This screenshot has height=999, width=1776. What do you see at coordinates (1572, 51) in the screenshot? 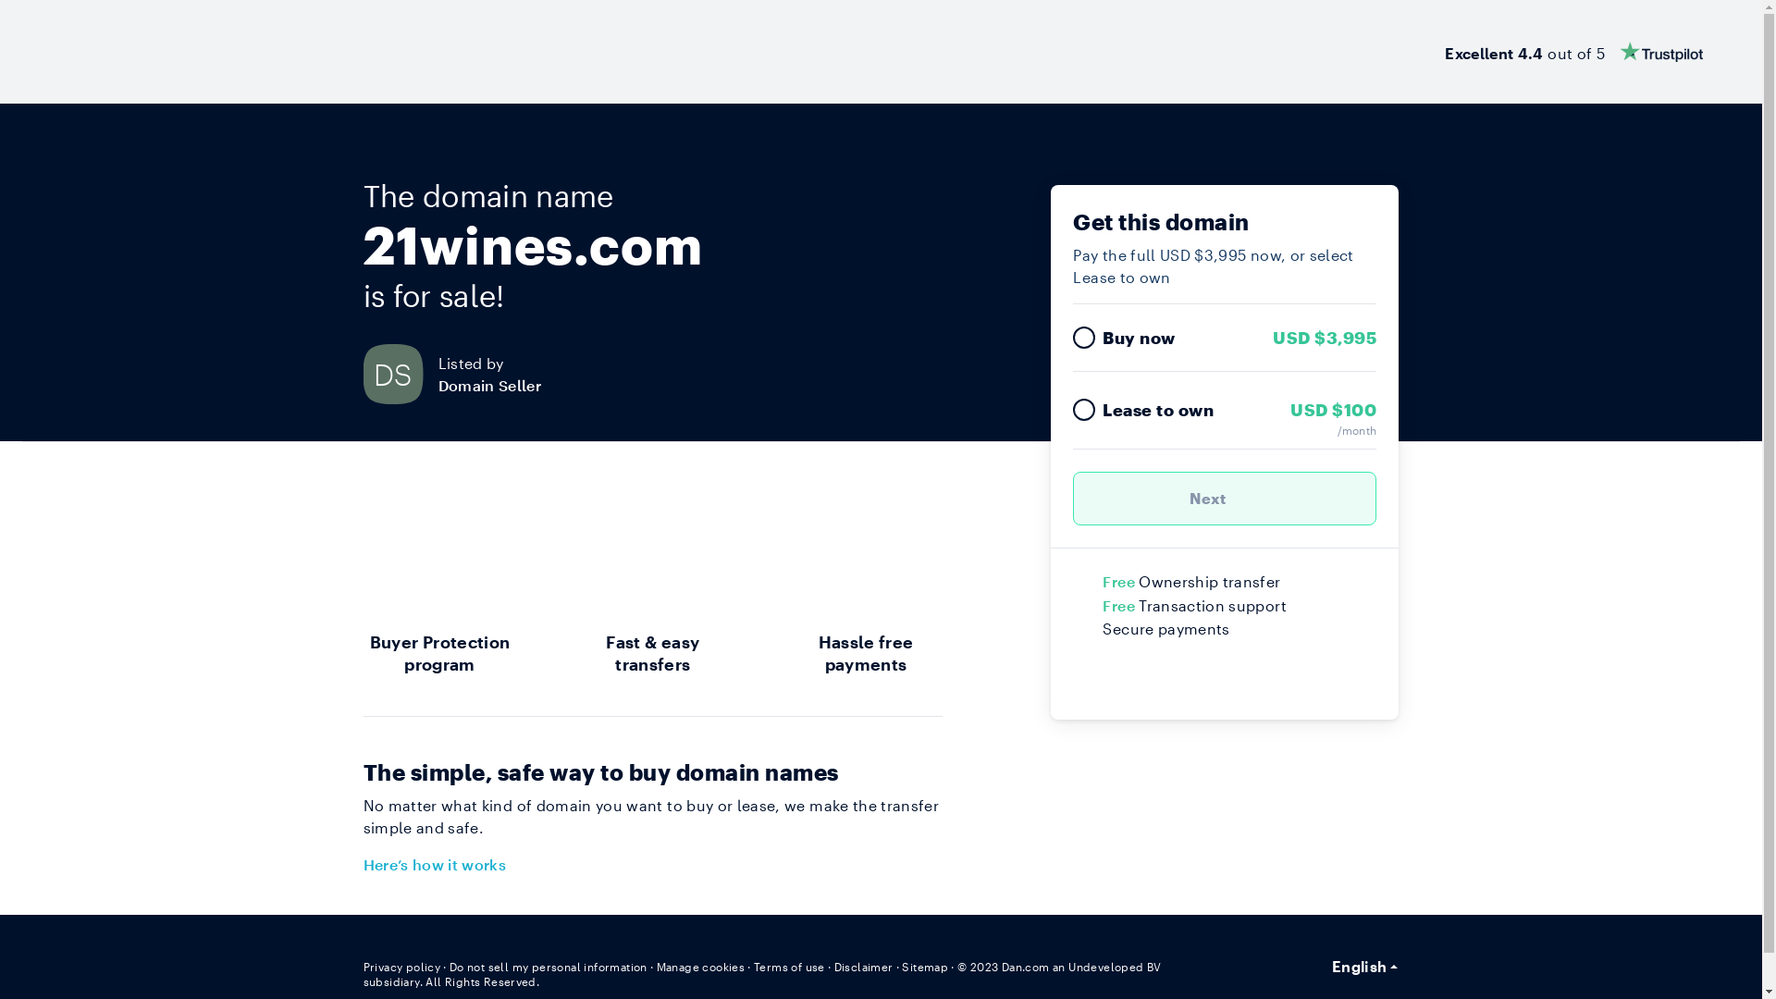
I see `'Excellent 4.4 out of 5'` at bounding box center [1572, 51].